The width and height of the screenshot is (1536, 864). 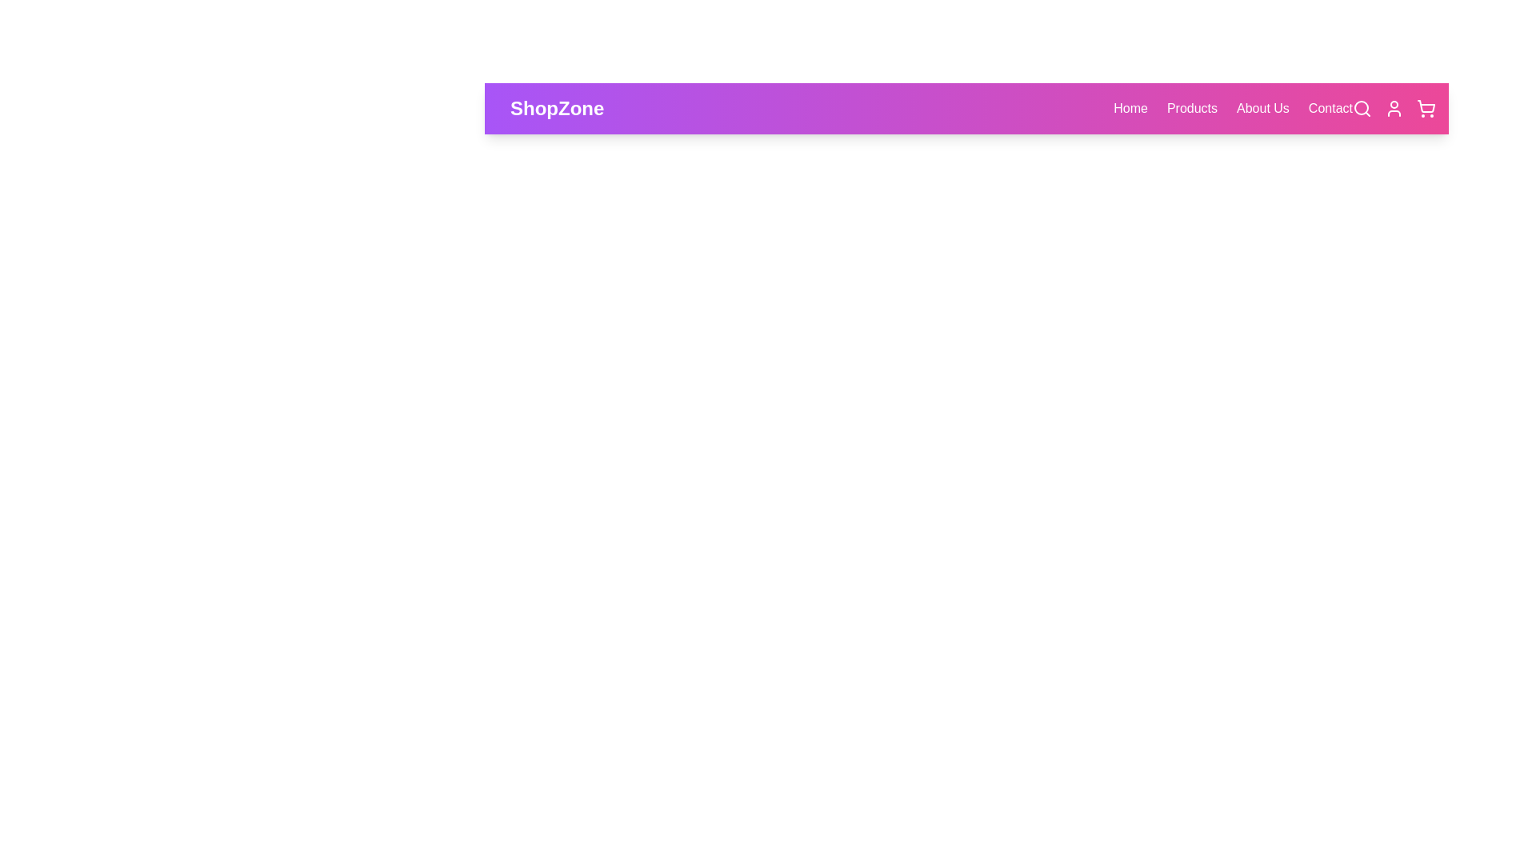 What do you see at coordinates (1130, 108) in the screenshot?
I see `the Home link in the navigation bar to navigate to the respective section` at bounding box center [1130, 108].